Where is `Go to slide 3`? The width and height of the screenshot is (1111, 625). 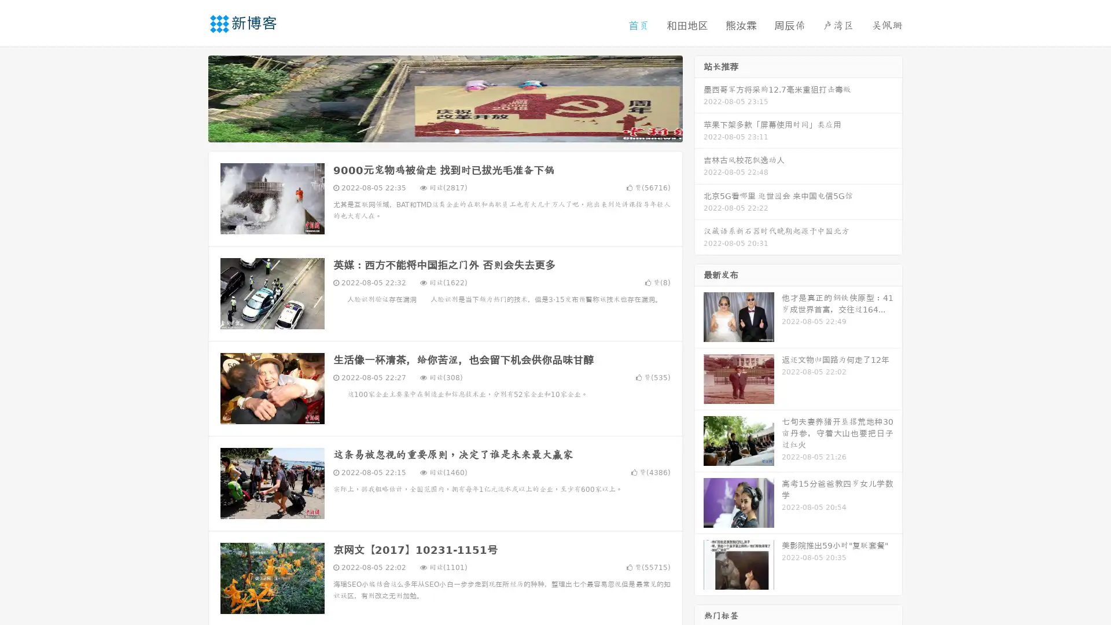 Go to slide 3 is located at coordinates (457, 130).